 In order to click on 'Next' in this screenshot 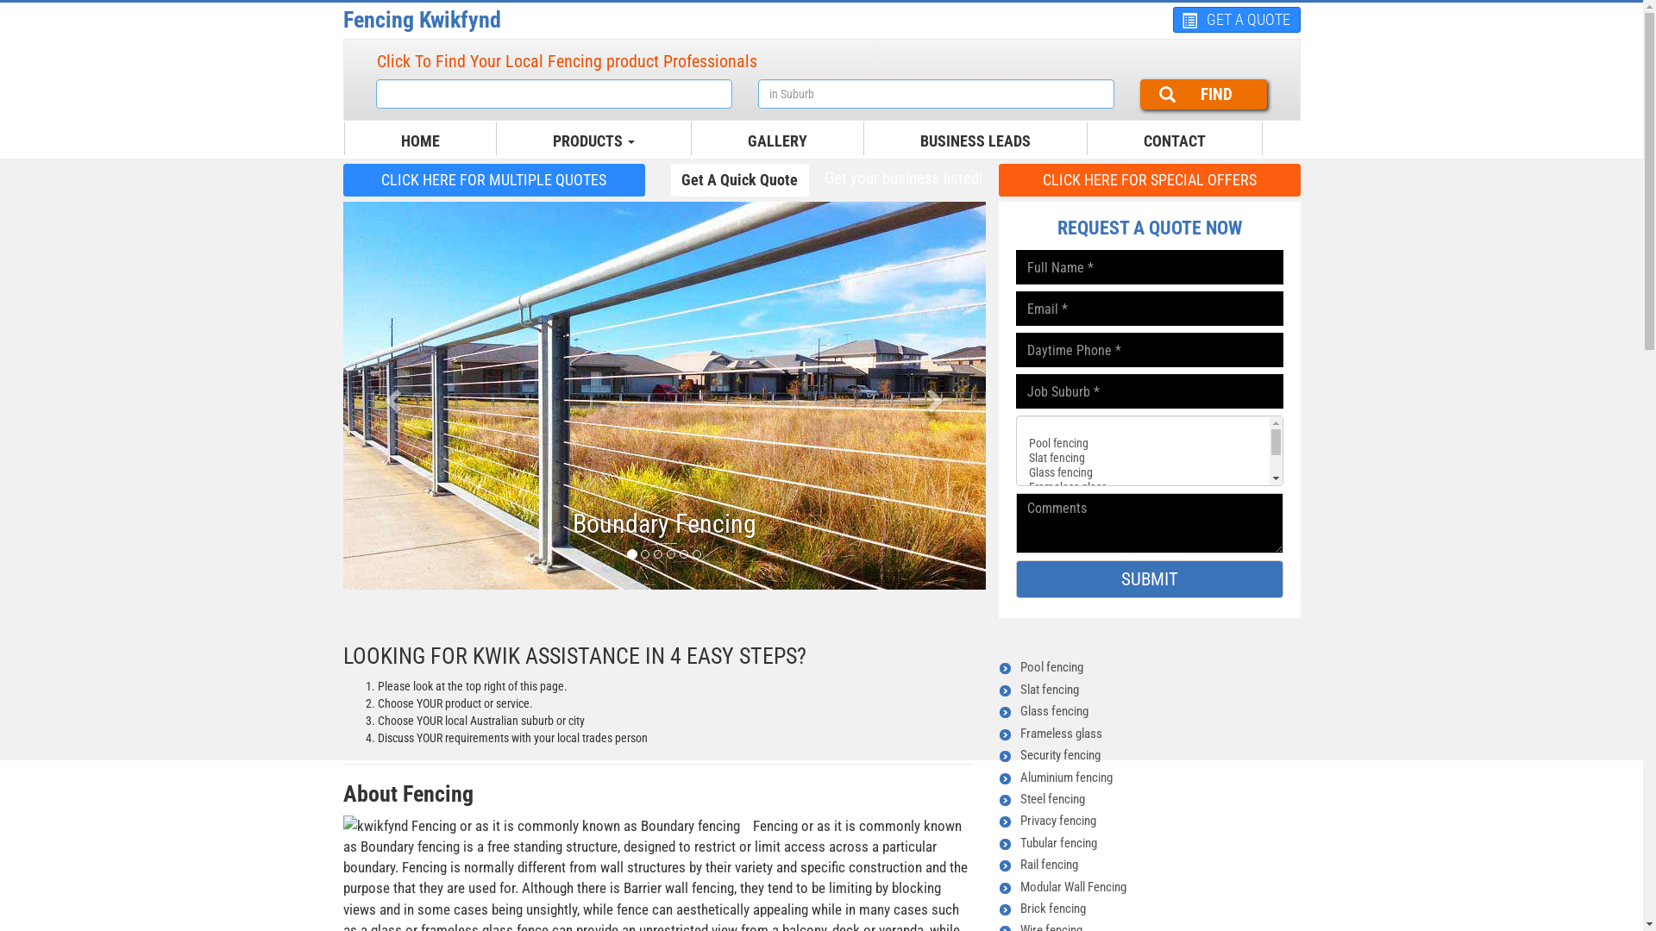, I will do `click(936, 396)`.